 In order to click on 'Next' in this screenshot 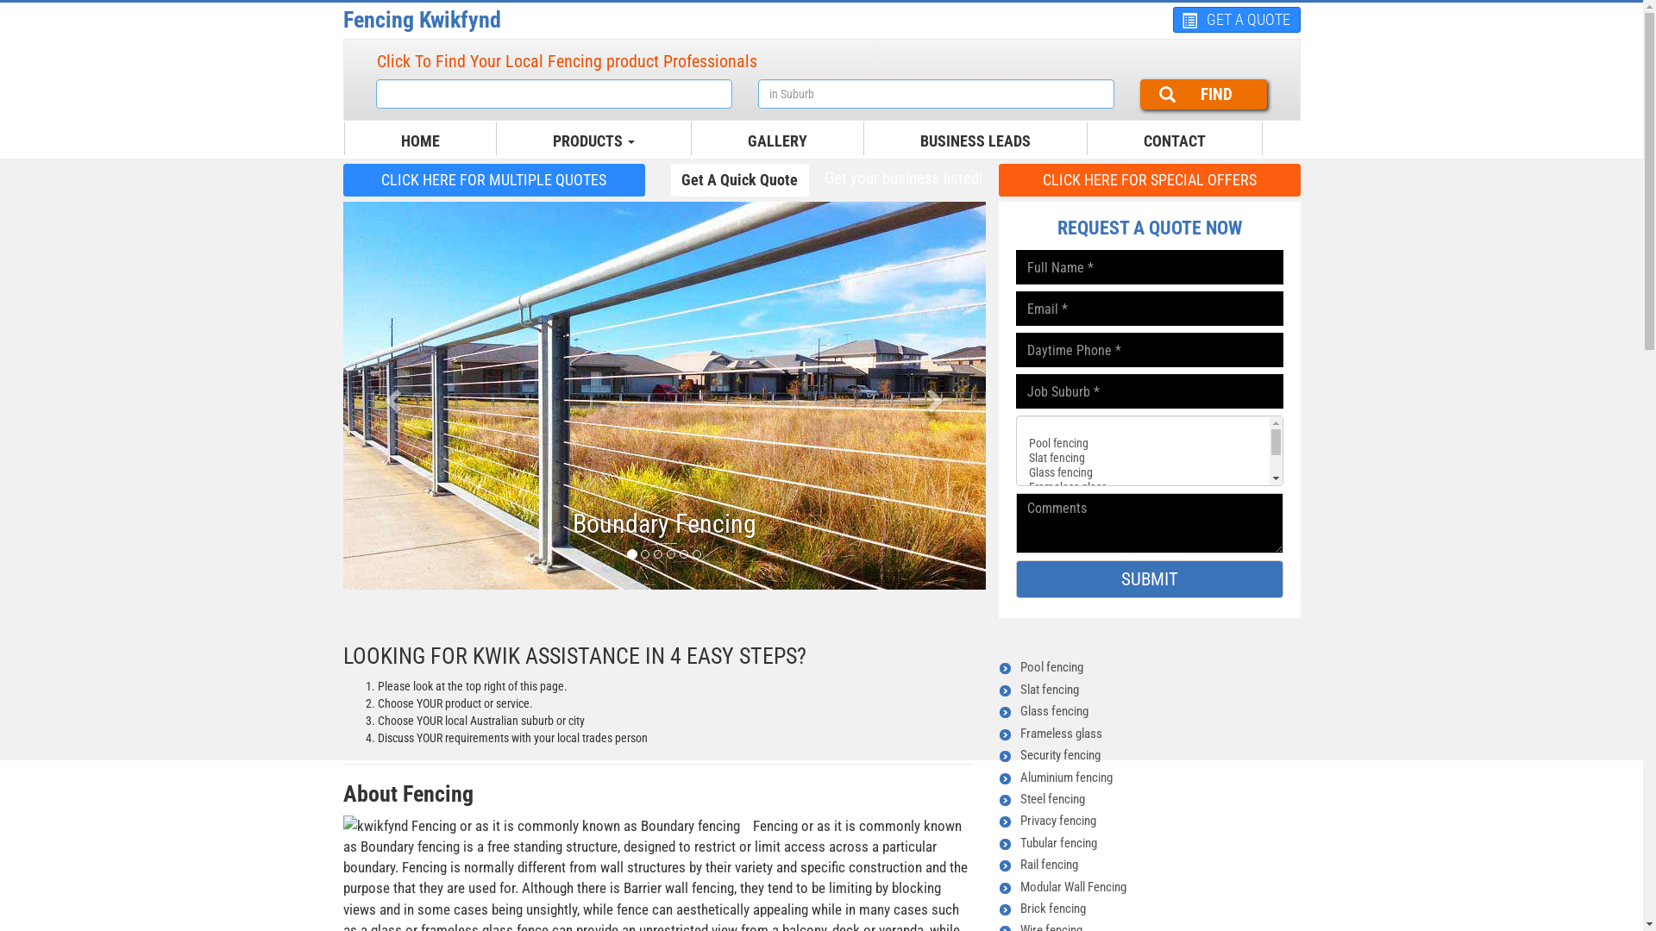, I will do `click(936, 396)`.